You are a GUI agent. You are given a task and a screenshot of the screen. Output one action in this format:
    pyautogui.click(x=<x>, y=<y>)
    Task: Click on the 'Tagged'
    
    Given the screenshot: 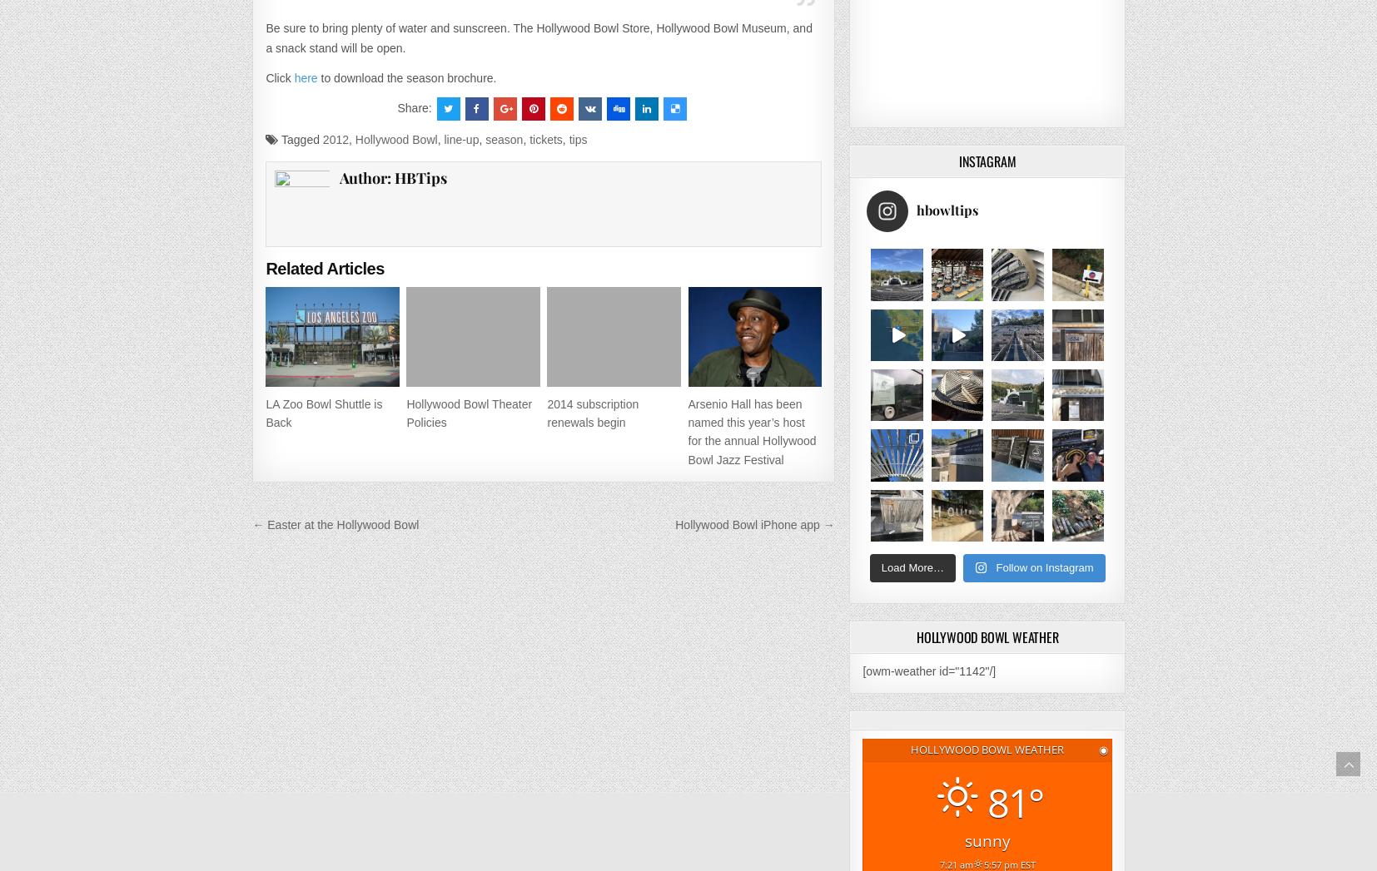 What is the action you would take?
    pyautogui.click(x=299, y=138)
    